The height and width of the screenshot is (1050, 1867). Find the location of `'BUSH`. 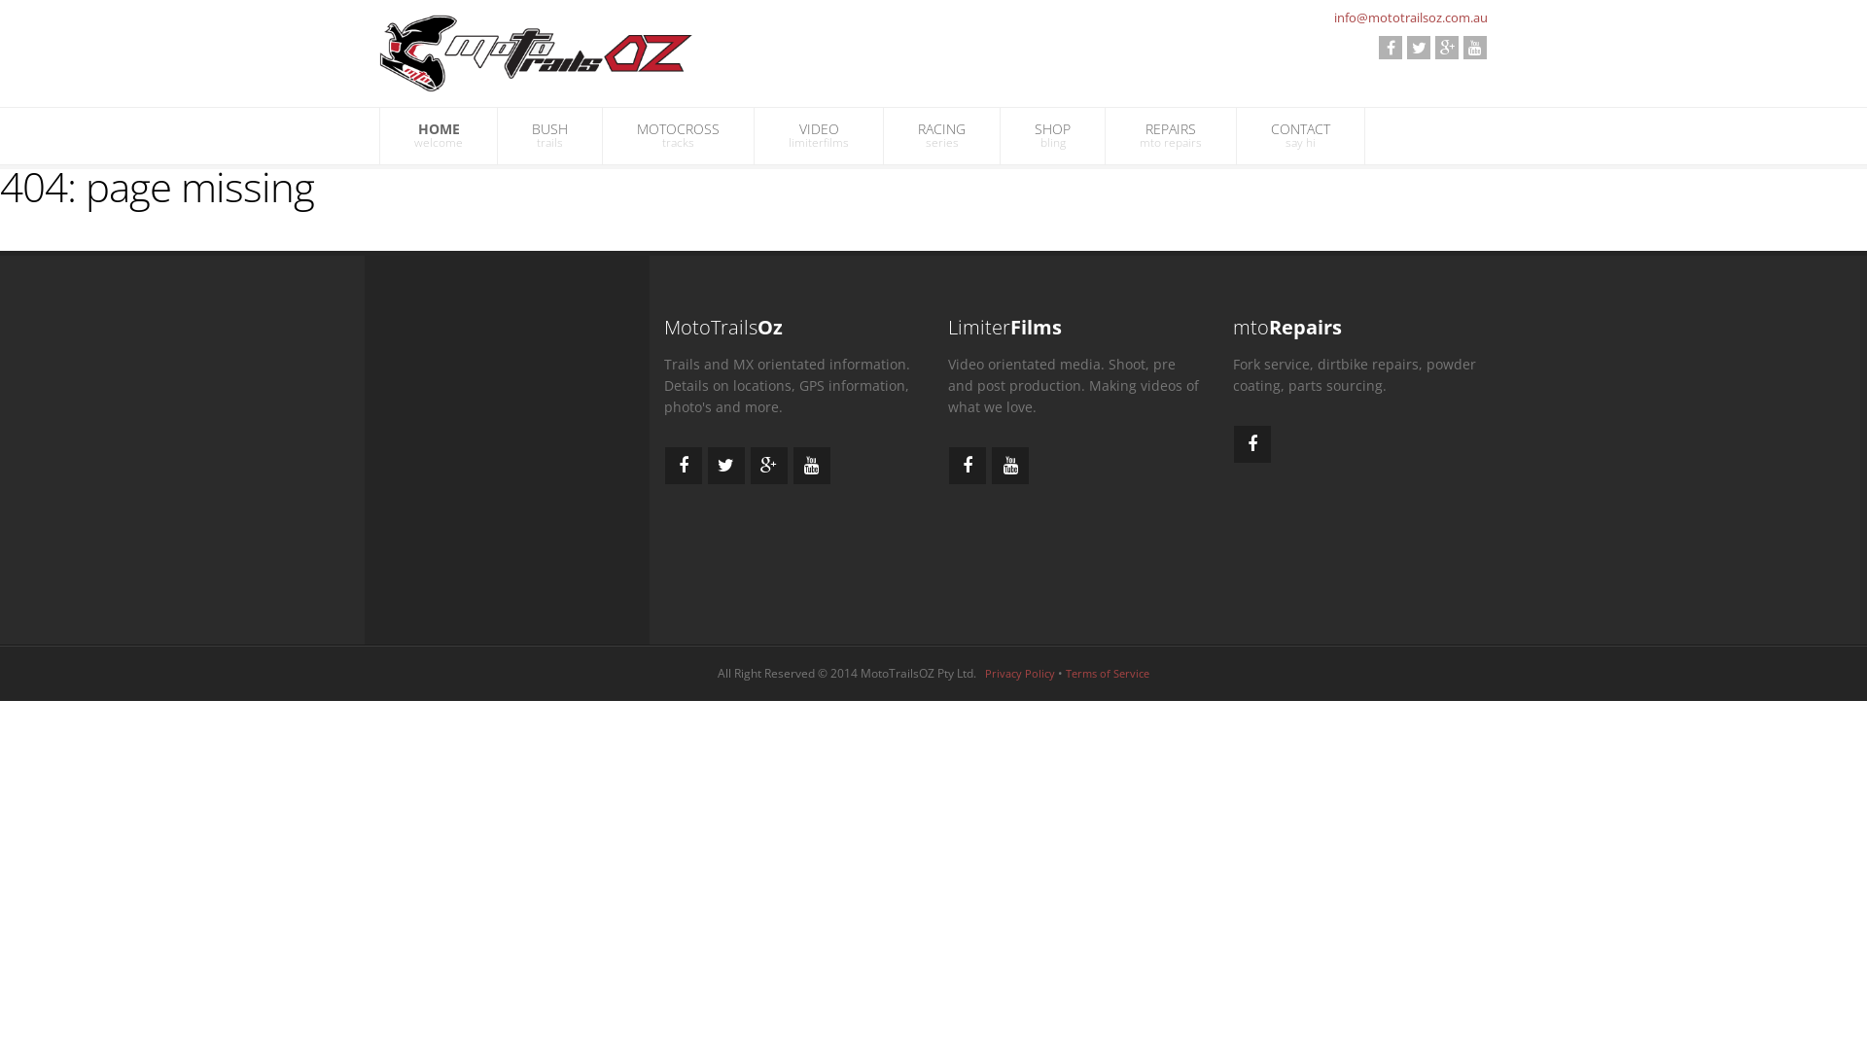

'BUSH is located at coordinates (548, 134).